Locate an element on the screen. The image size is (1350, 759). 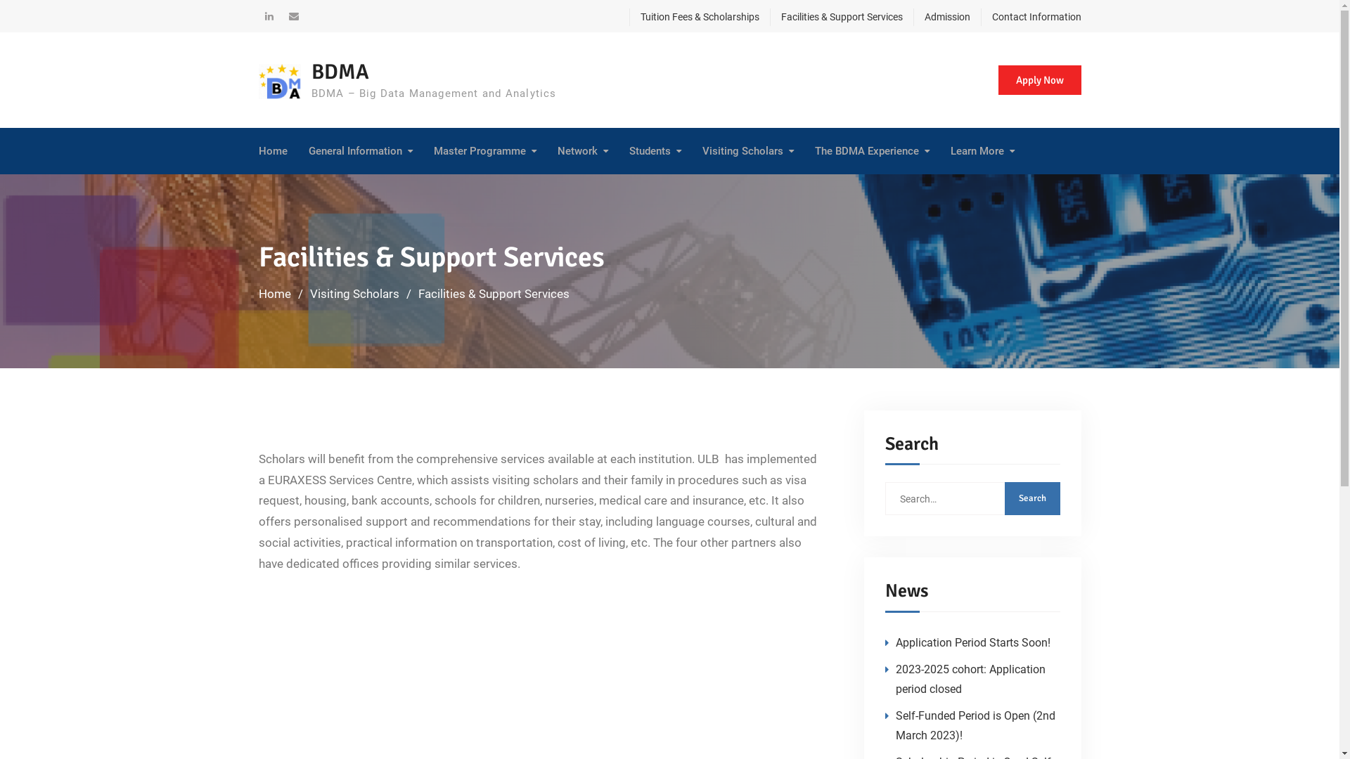
'Search for:' is located at coordinates (971, 498).